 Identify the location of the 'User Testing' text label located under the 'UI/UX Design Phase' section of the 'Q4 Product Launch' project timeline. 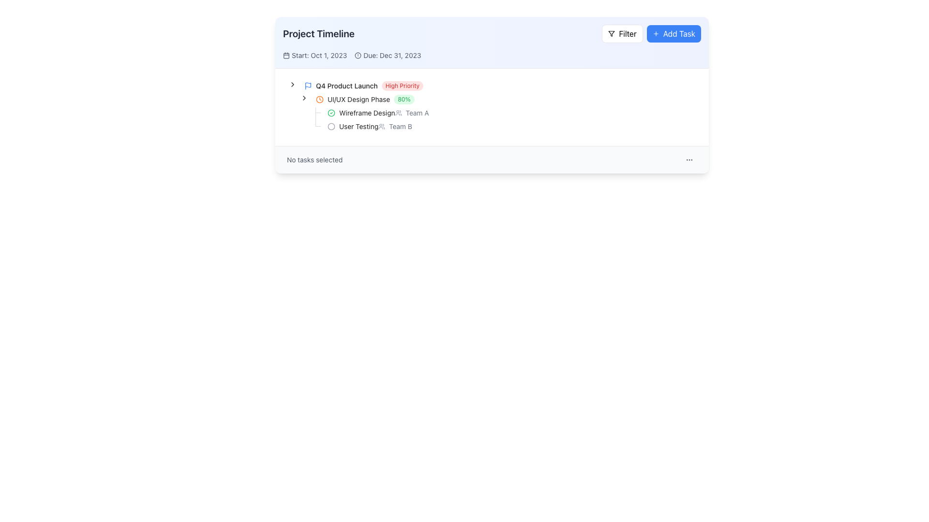
(358, 126).